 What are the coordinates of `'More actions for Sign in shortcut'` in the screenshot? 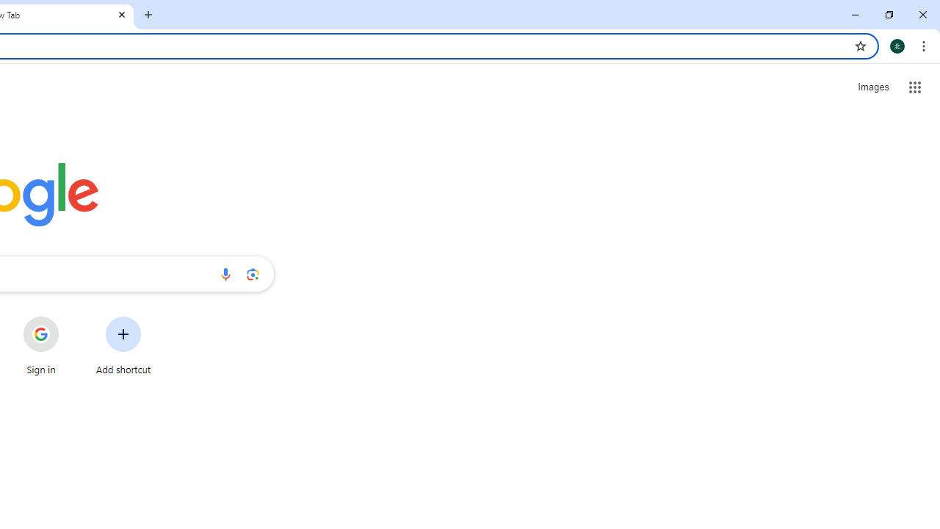 It's located at (70, 317).